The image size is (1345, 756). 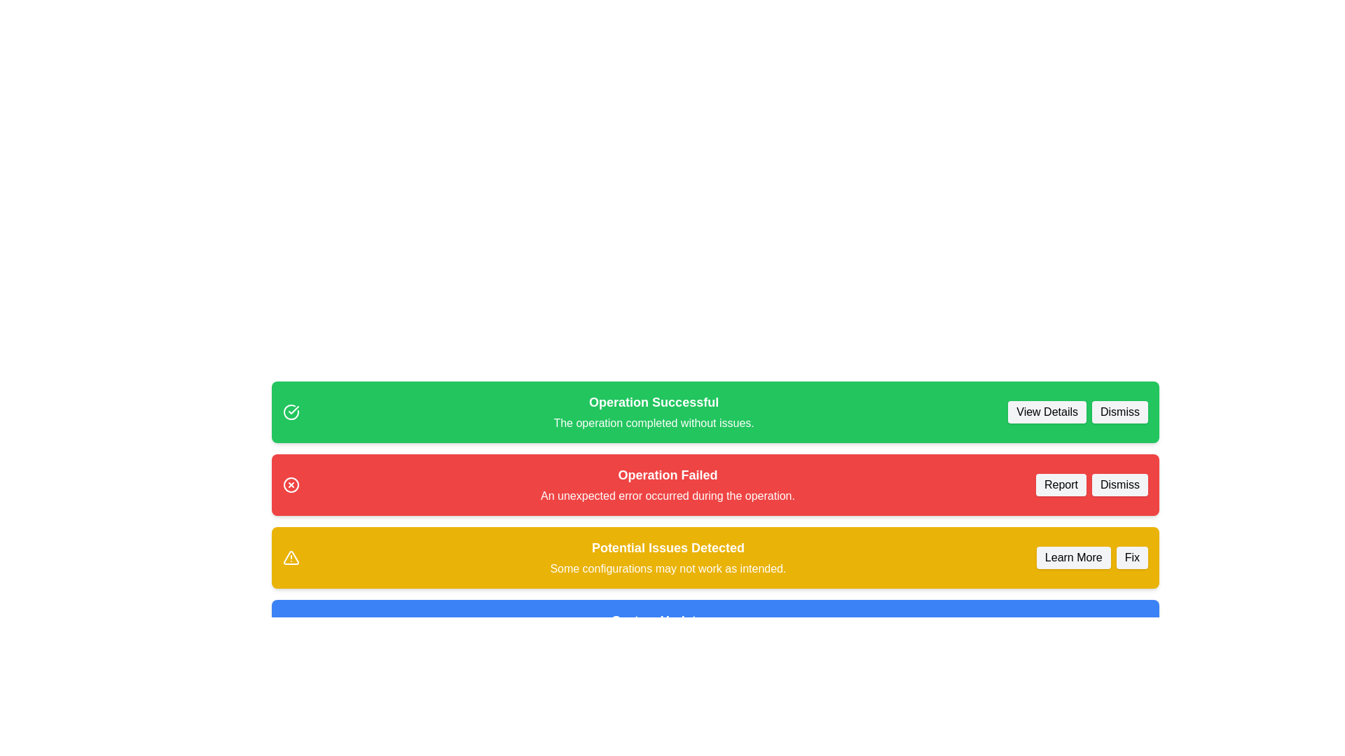 I want to click on the yellow alert message titled 'Potential Issues Detected' with the subtitle 'Some configurations may not work as intended.', so click(x=667, y=557).